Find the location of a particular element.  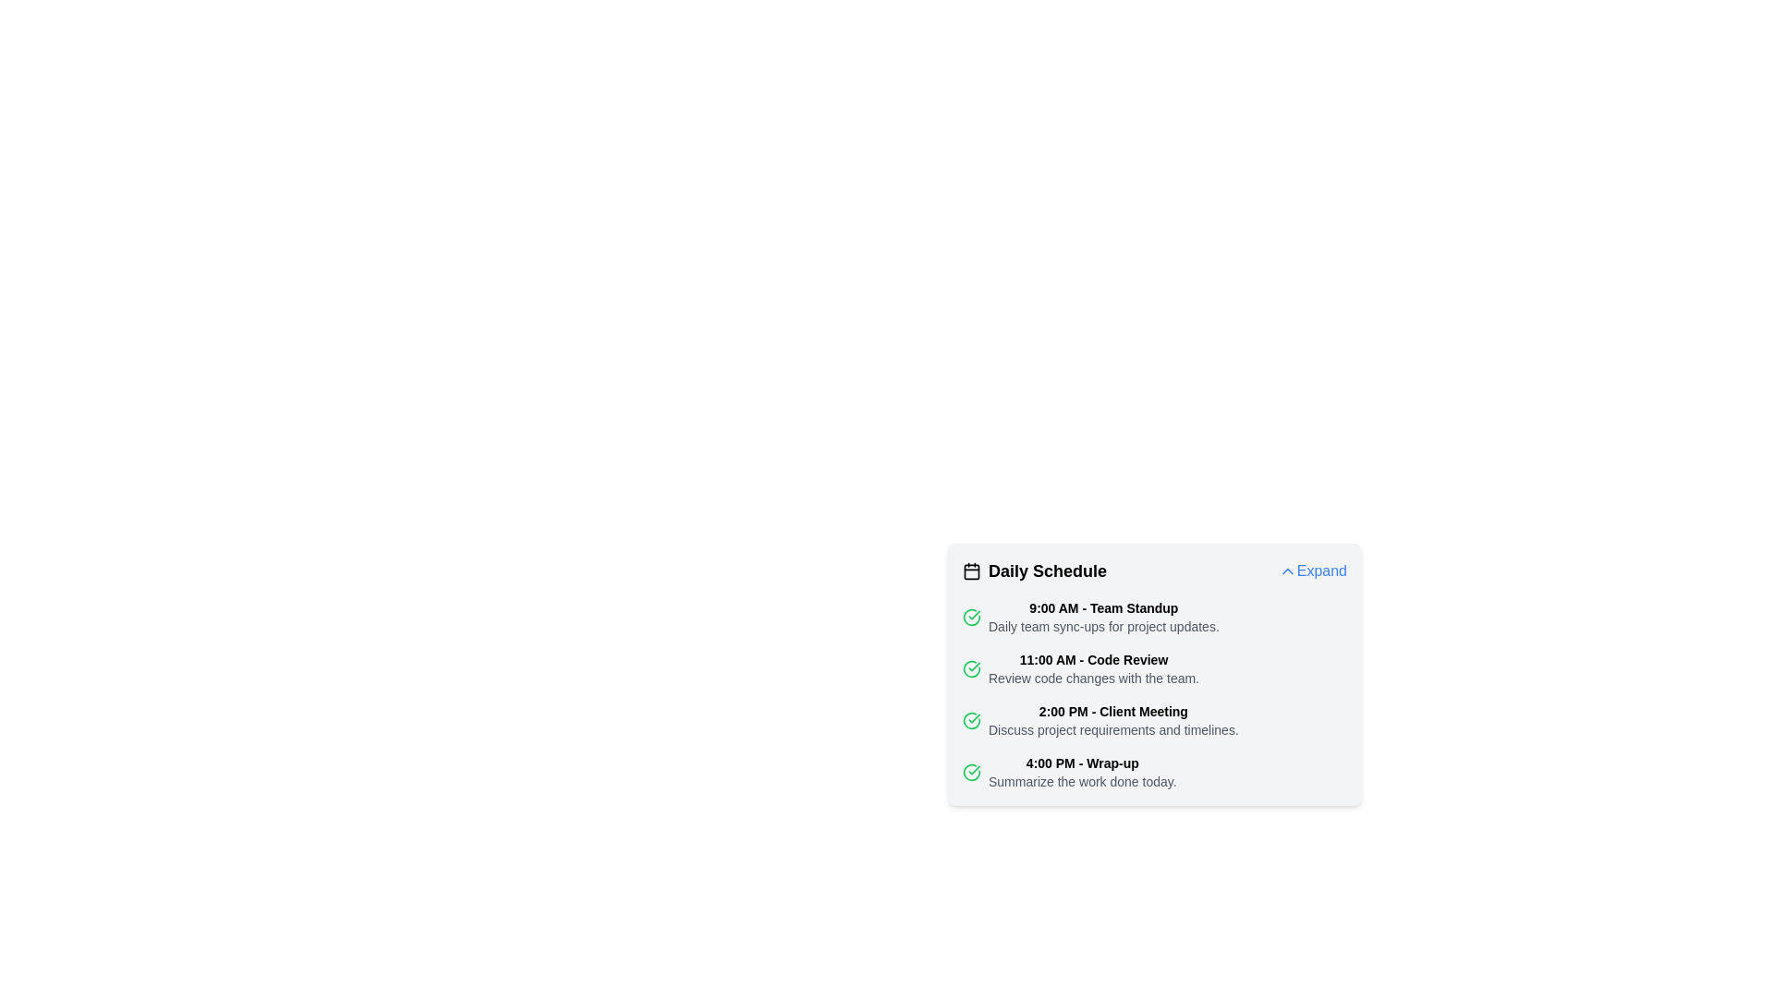

the first list item in the daily schedule displaying the 9:00 AM team standup meeting is located at coordinates (1153, 617).